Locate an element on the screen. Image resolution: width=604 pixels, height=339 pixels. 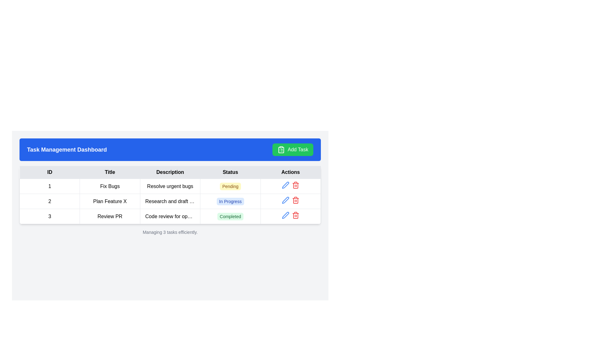
the red trashcan icon button located in the Actions column of the last row corresponding to the task titled 'Review PR' is located at coordinates (295, 200).